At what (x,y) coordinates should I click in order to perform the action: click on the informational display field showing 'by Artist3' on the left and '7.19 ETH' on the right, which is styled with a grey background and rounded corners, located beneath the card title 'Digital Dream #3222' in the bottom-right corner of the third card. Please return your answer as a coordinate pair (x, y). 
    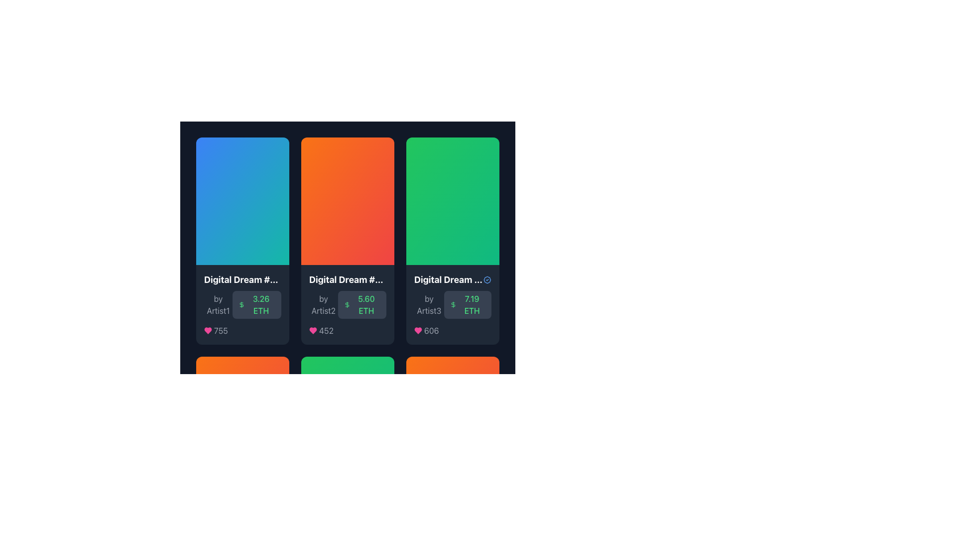
    Looking at the image, I should click on (452, 304).